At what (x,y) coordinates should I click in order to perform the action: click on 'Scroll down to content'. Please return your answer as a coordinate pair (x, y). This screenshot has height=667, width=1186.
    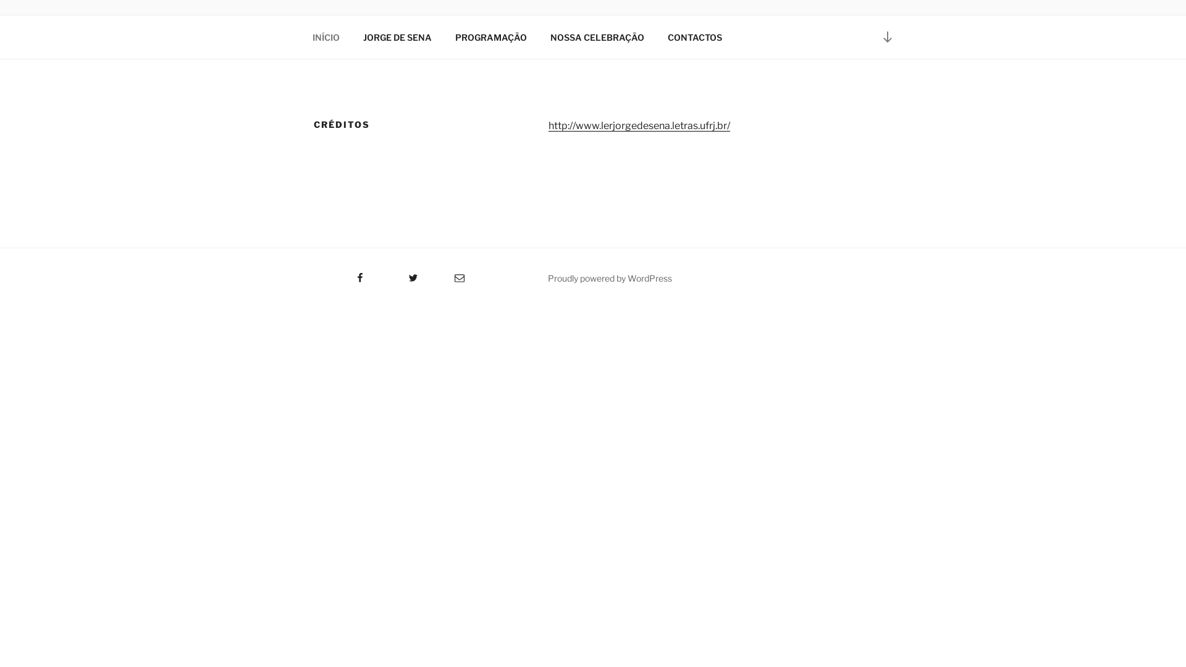
    Looking at the image, I should click on (886, 36).